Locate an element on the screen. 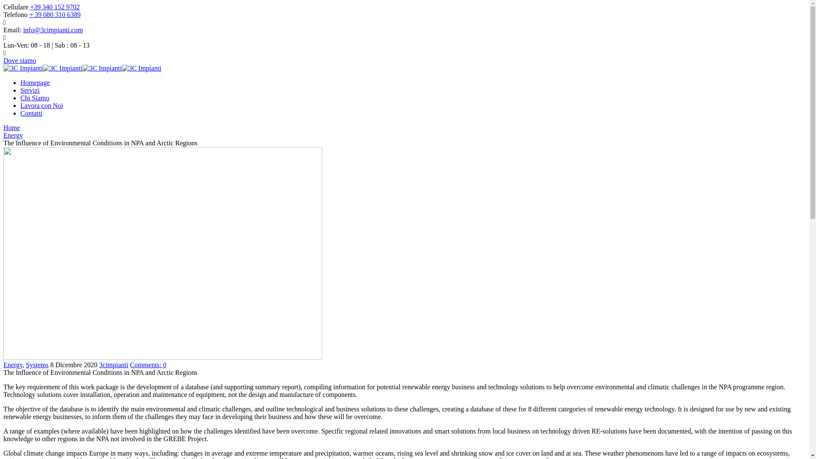  'Energy' is located at coordinates (3, 135).